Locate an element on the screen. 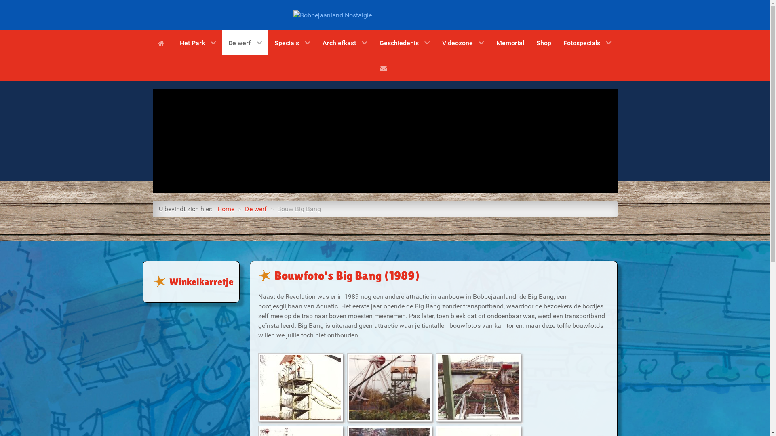 The width and height of the screenshot is (776, 436). 'Fotospecials' is located at coordinates (587, 42).